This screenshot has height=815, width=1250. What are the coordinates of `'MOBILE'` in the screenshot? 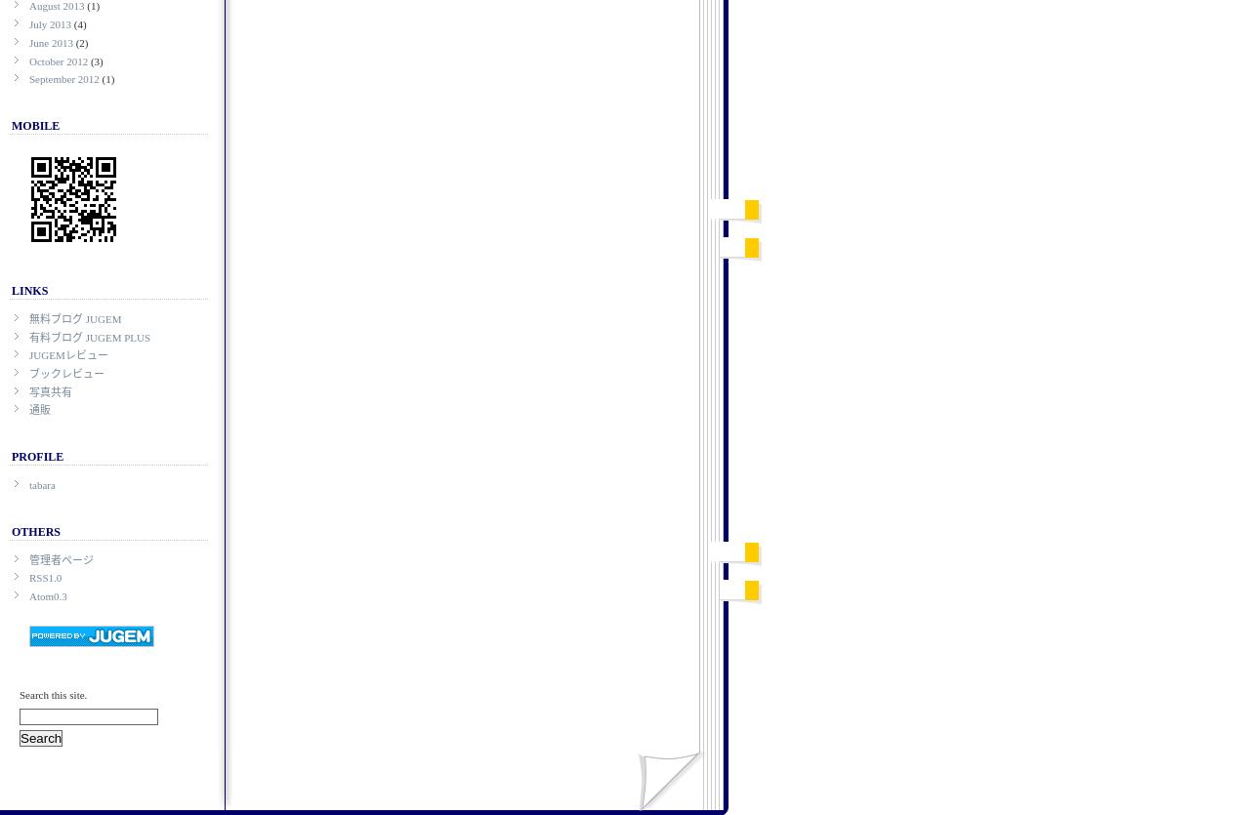 It's located at (35, 124).